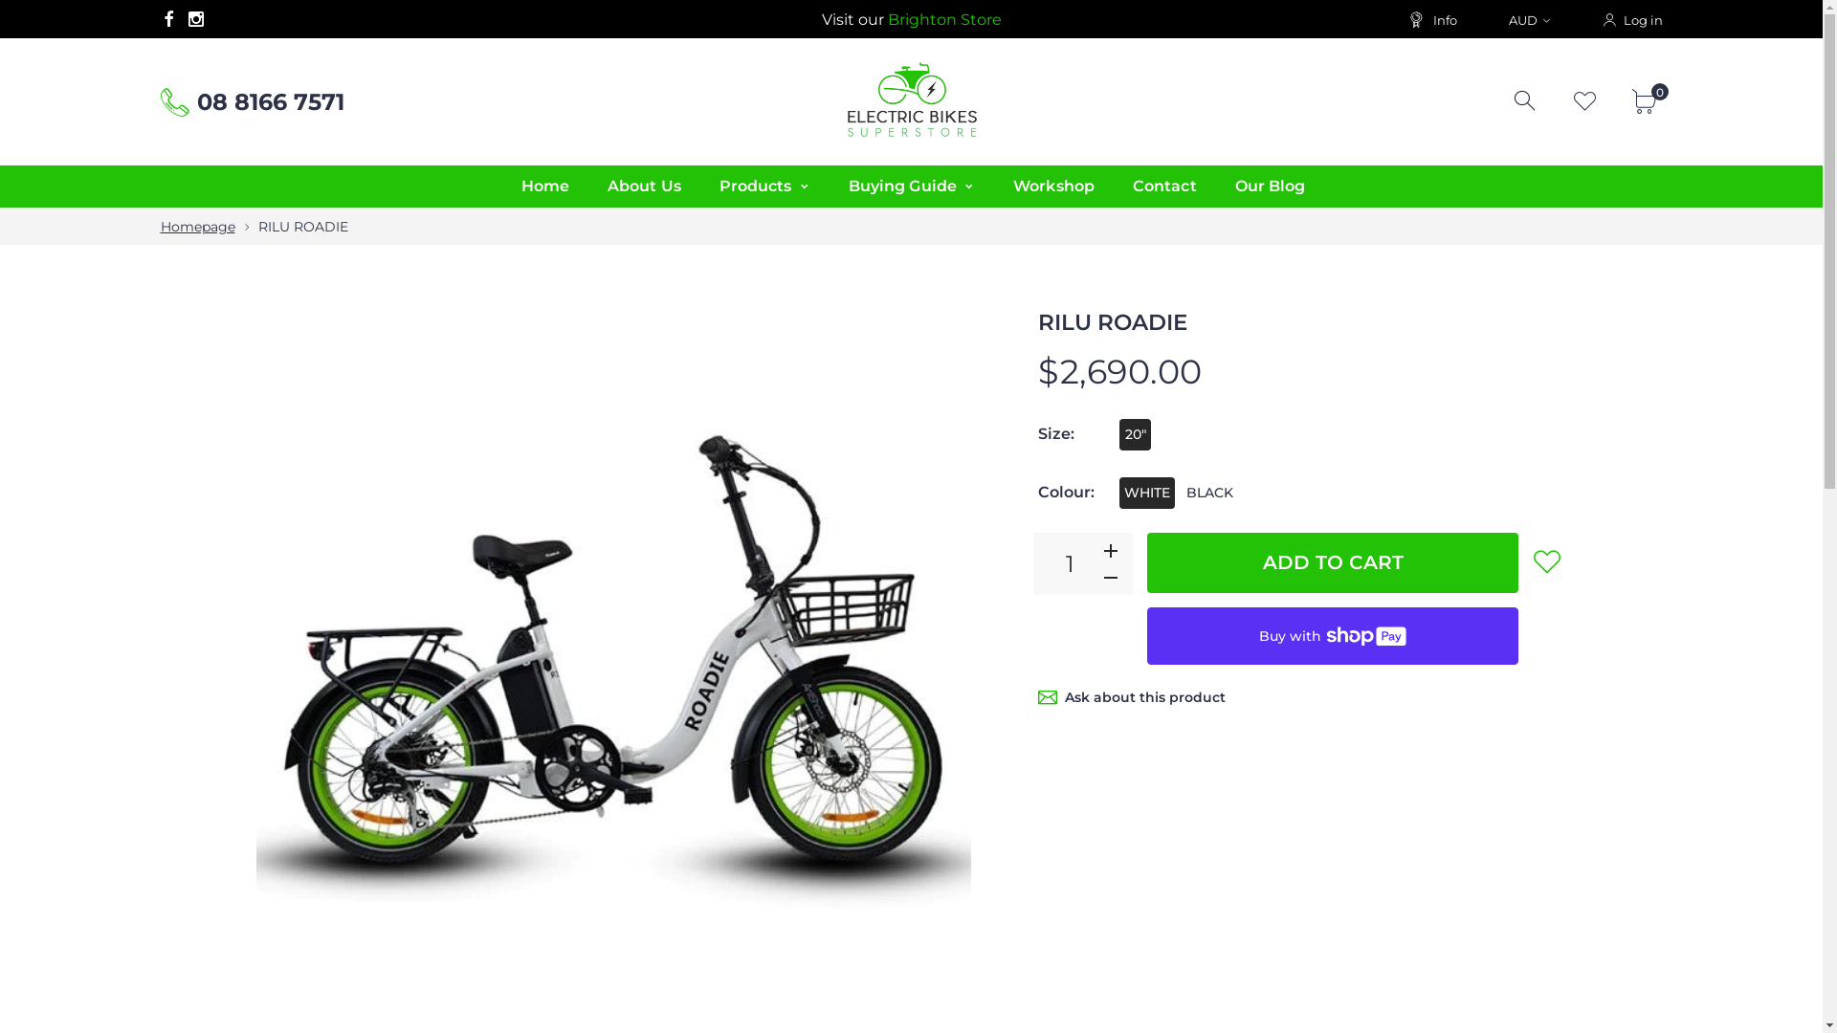 This screenshot has width=1837, height=1033. What do you see at coordinates (764, 187) in the screenshot?
I see `'Products'` at bounding box center [764, 187].